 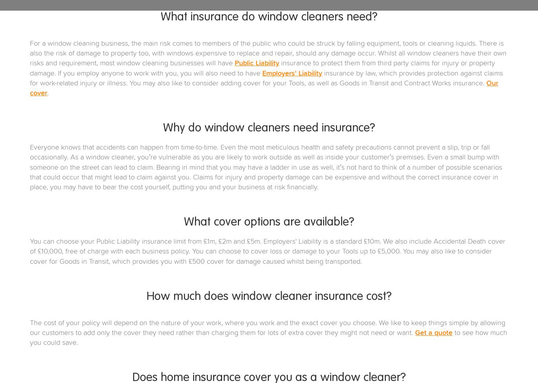 I want to click on 'Public Liability', so click(x=256, y=63).